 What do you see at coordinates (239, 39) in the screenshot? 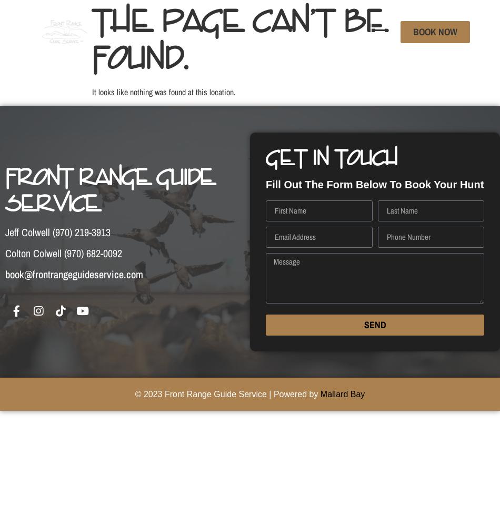
I see `'The page can’t be found.'` at bounding box center [239, 39].